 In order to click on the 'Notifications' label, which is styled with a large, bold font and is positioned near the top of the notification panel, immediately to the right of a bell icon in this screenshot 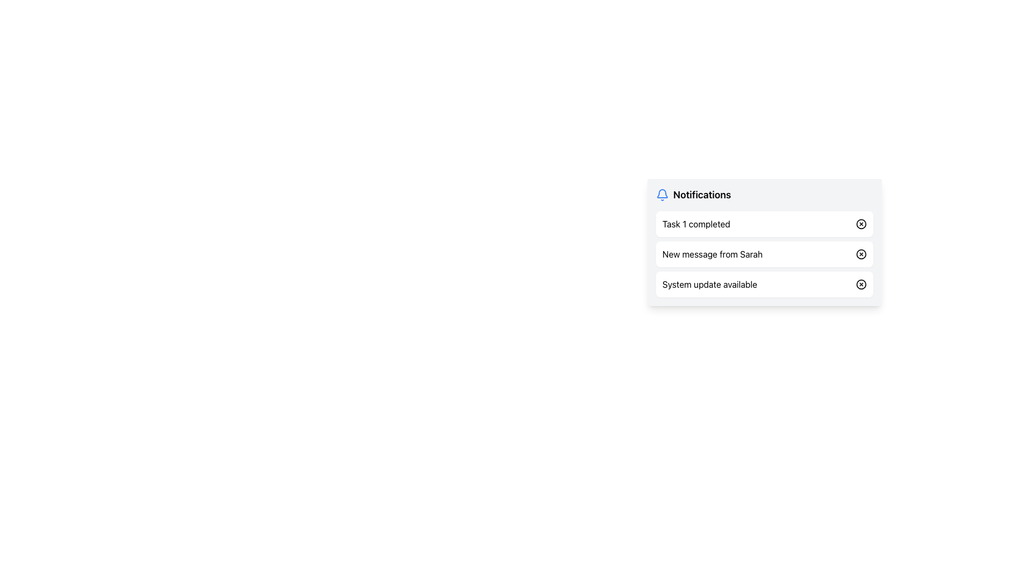, I will do `click(702, 195)`.